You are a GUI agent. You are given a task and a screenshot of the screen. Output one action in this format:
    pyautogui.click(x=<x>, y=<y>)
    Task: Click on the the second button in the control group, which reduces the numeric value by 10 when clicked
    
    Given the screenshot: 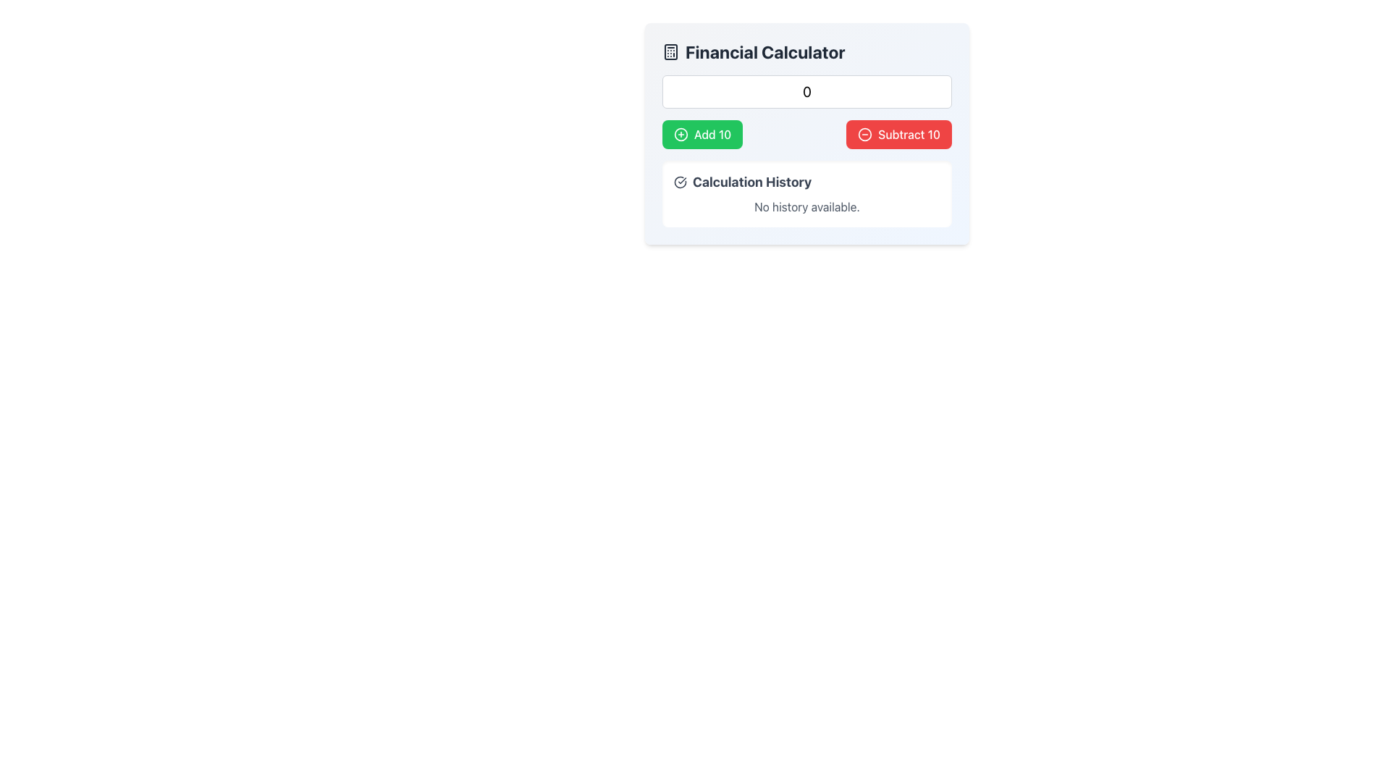 What is the action you would take?
    pyautogui.click(x=898, y=134)
    